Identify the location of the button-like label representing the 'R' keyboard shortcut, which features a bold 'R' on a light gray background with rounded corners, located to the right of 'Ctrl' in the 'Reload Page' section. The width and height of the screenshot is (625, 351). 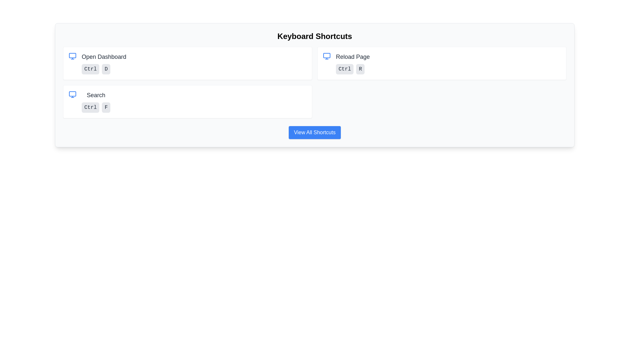
(360, 69).